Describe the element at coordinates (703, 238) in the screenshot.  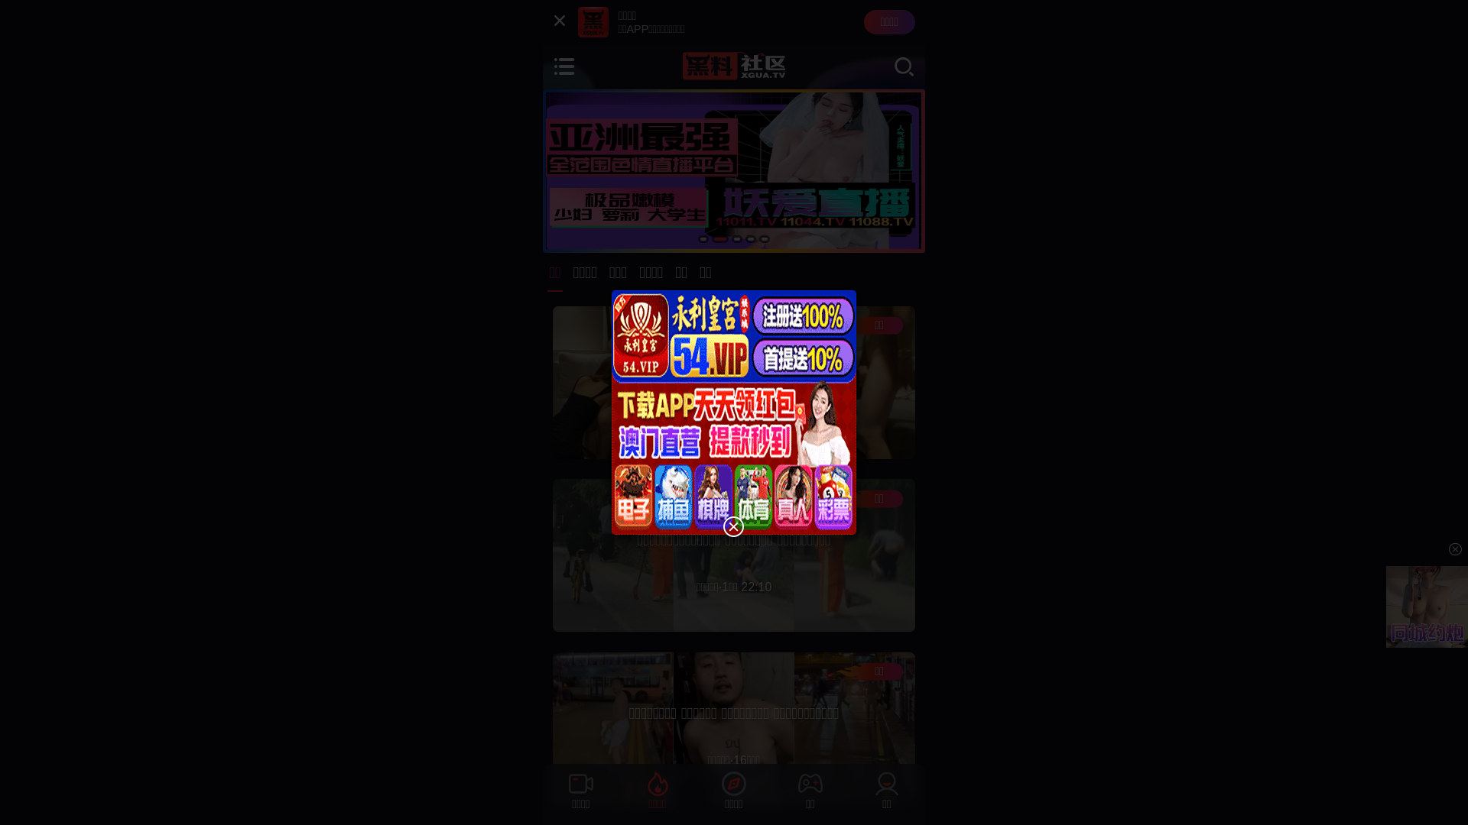
I see `'1'` at that location.